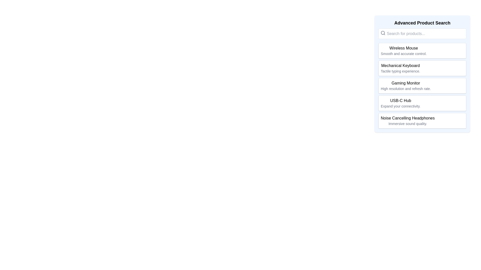  What do you see at coordinates (406, 83) in the screenshot?
I see `text label that reads 'Gaming Monitor', which is the third item in a vertically stacked list of items including 'Wireless Mouse' and 'Mechanical Keyboard'` at bounding box center [406, 83].